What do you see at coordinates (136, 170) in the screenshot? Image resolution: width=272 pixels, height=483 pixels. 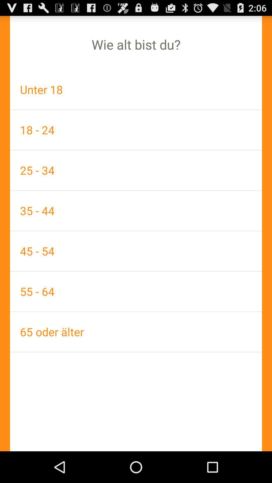 I see `item above 35 - 44 icon` at bounding box center [136, 170].